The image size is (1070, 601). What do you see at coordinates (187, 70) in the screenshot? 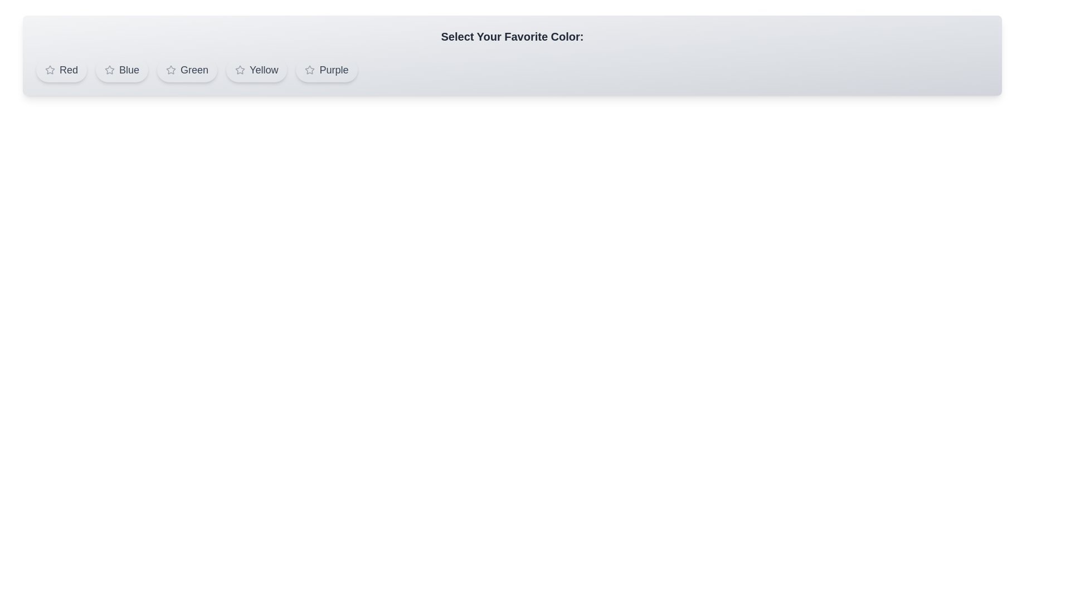
I see `the color Green by clicking on its button` at bounding box center [187, 70].